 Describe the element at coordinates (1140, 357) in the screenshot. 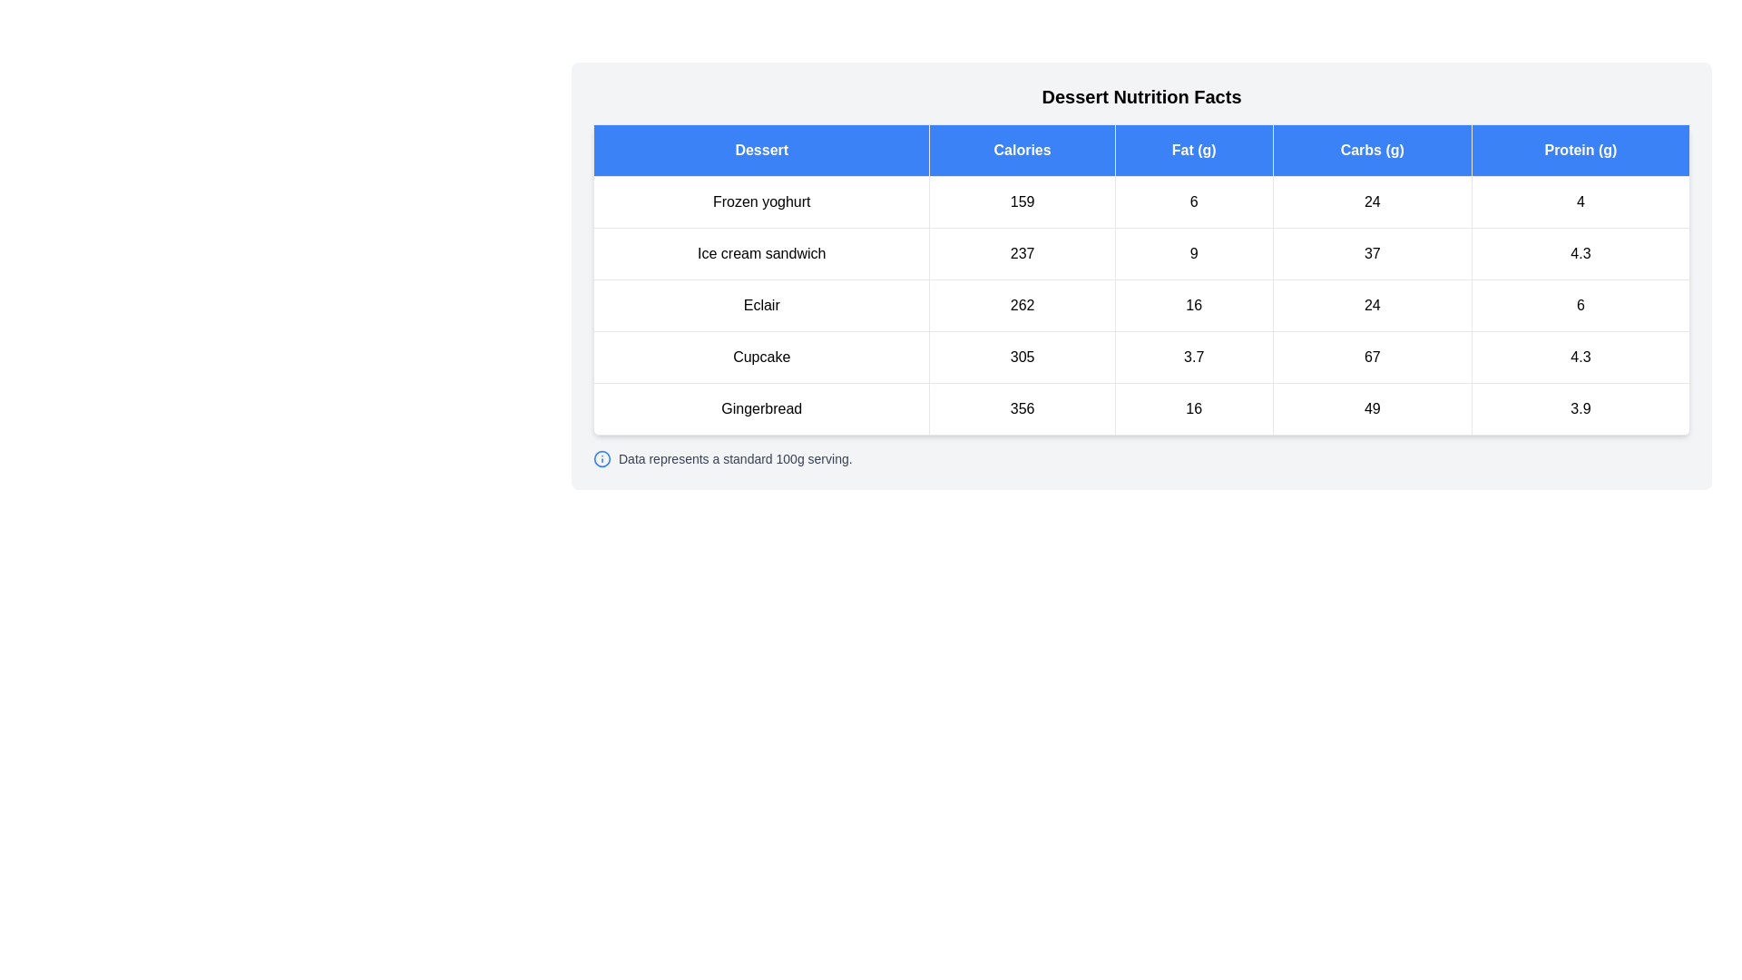

I see `the row corresponding to Cupcake` at that location.